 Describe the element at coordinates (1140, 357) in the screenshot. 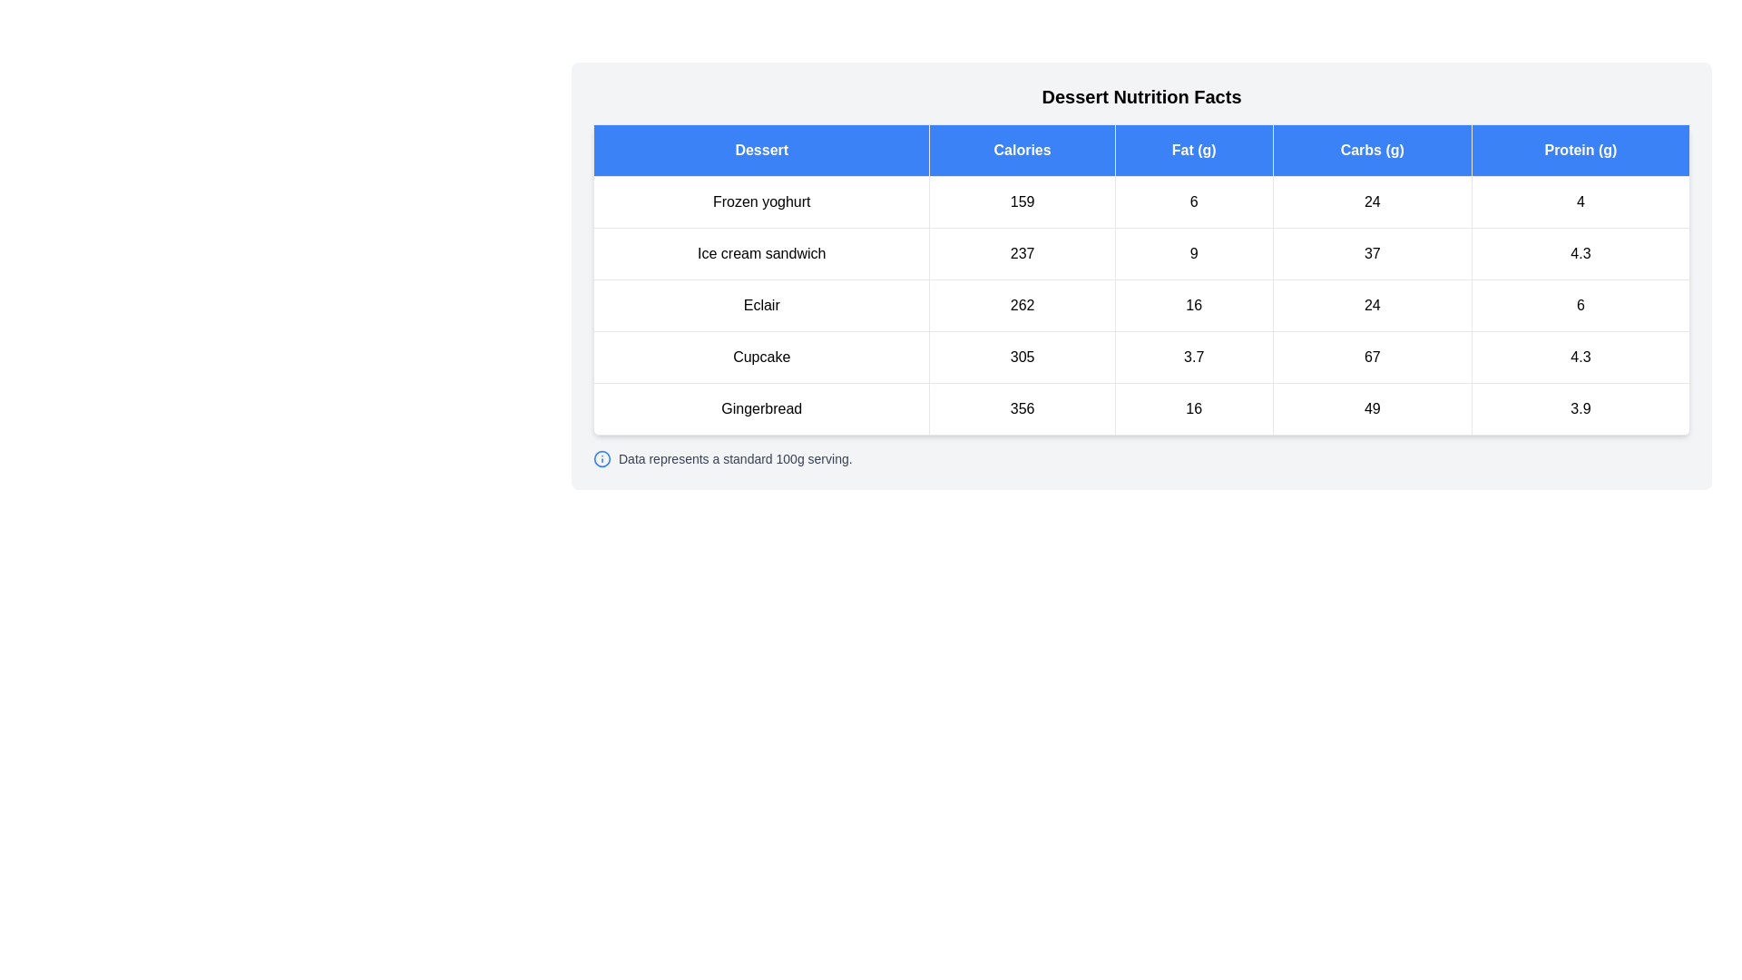

I see `the row corresponding to Cupcake` at that location.